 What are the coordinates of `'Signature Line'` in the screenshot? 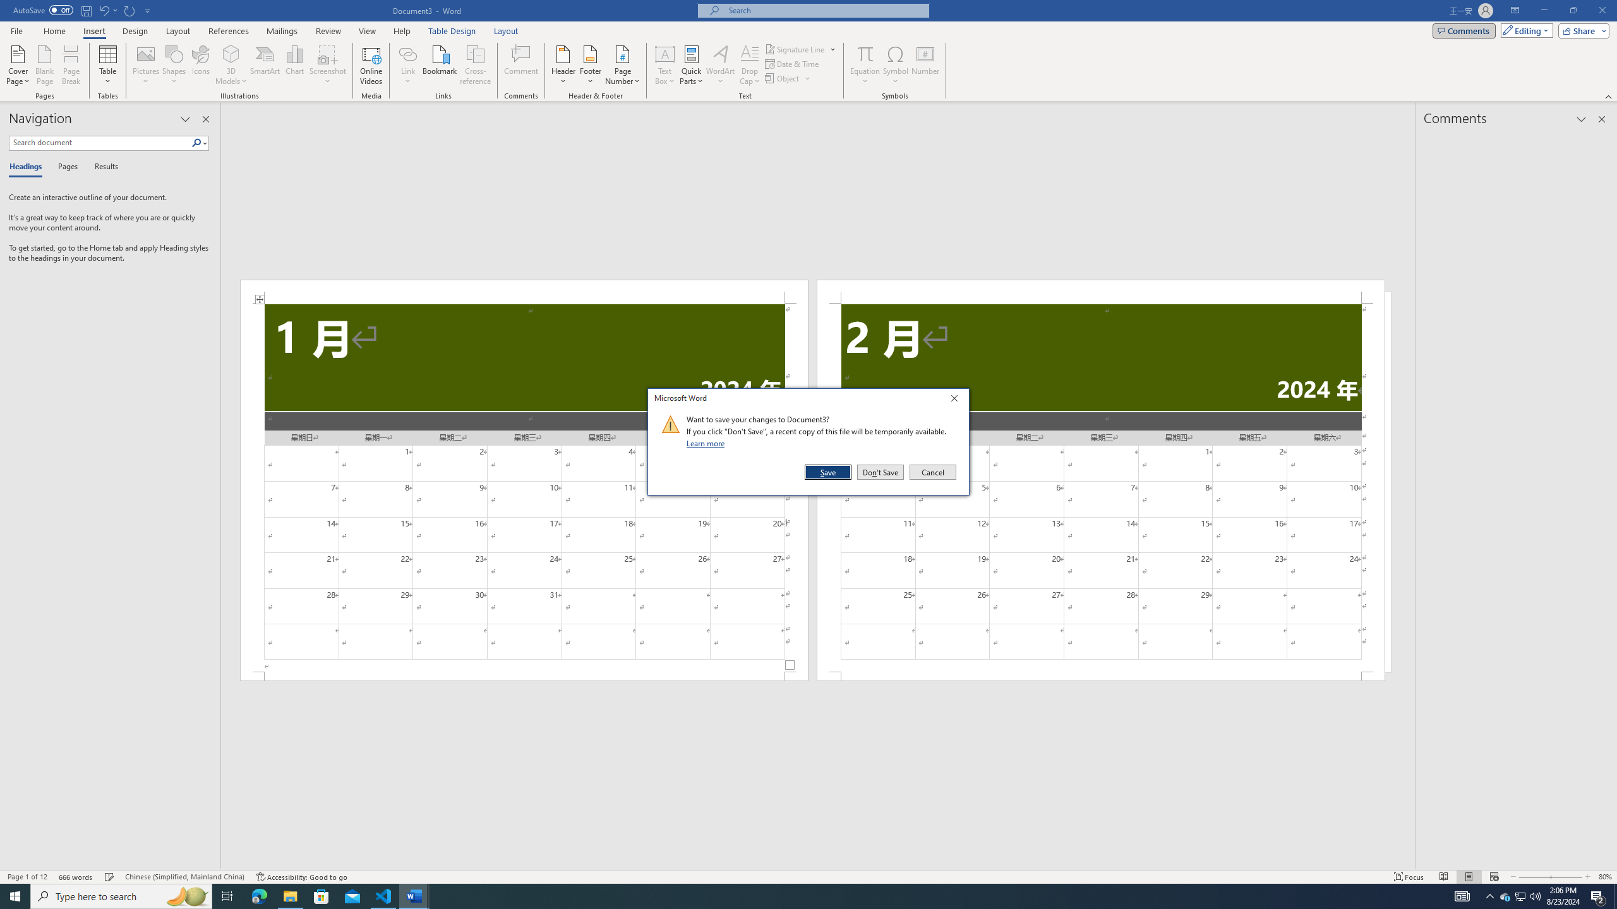 It's located at (795, 49).